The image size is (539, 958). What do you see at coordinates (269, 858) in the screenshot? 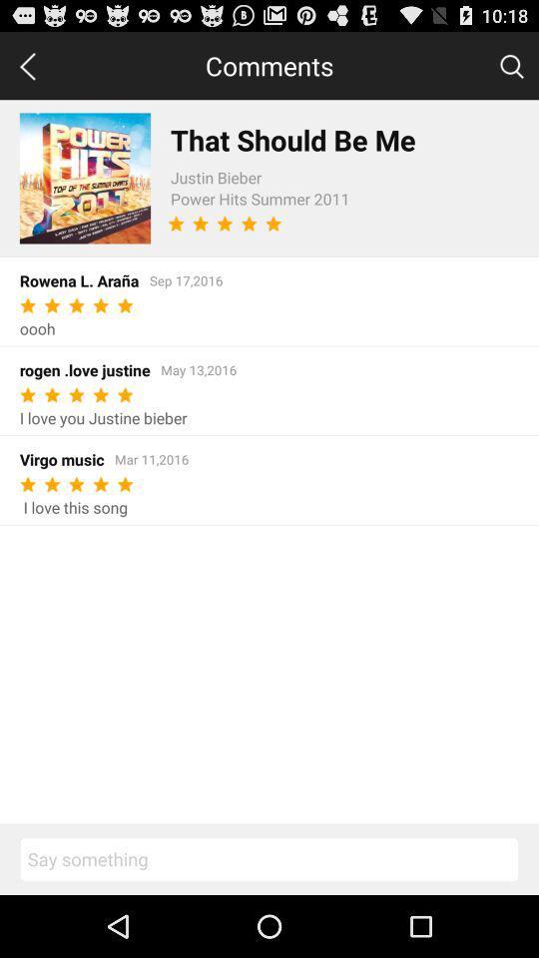
I see `comment on this song` at bounding box center [269, 858].